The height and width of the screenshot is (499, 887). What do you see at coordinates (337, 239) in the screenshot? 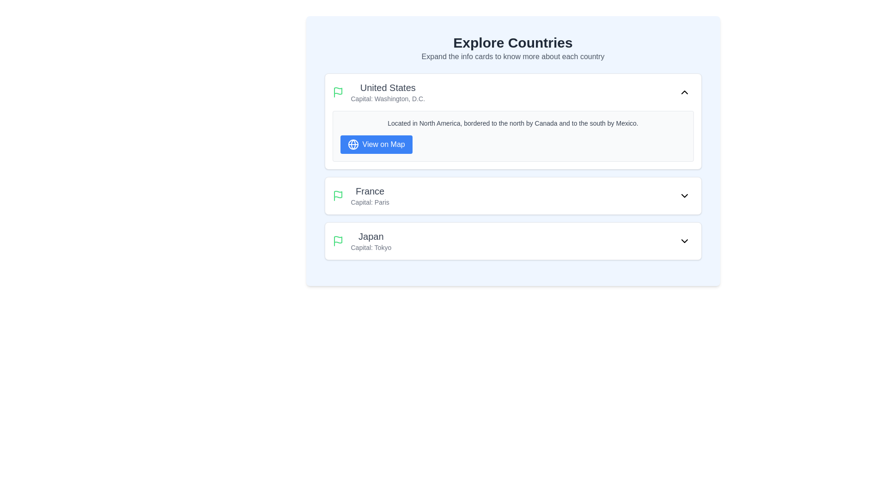
I see `the green waving flag icon representing the body of the flag for the 'Japan' list item in the SVG graphic` at bounding box center [337, 239].